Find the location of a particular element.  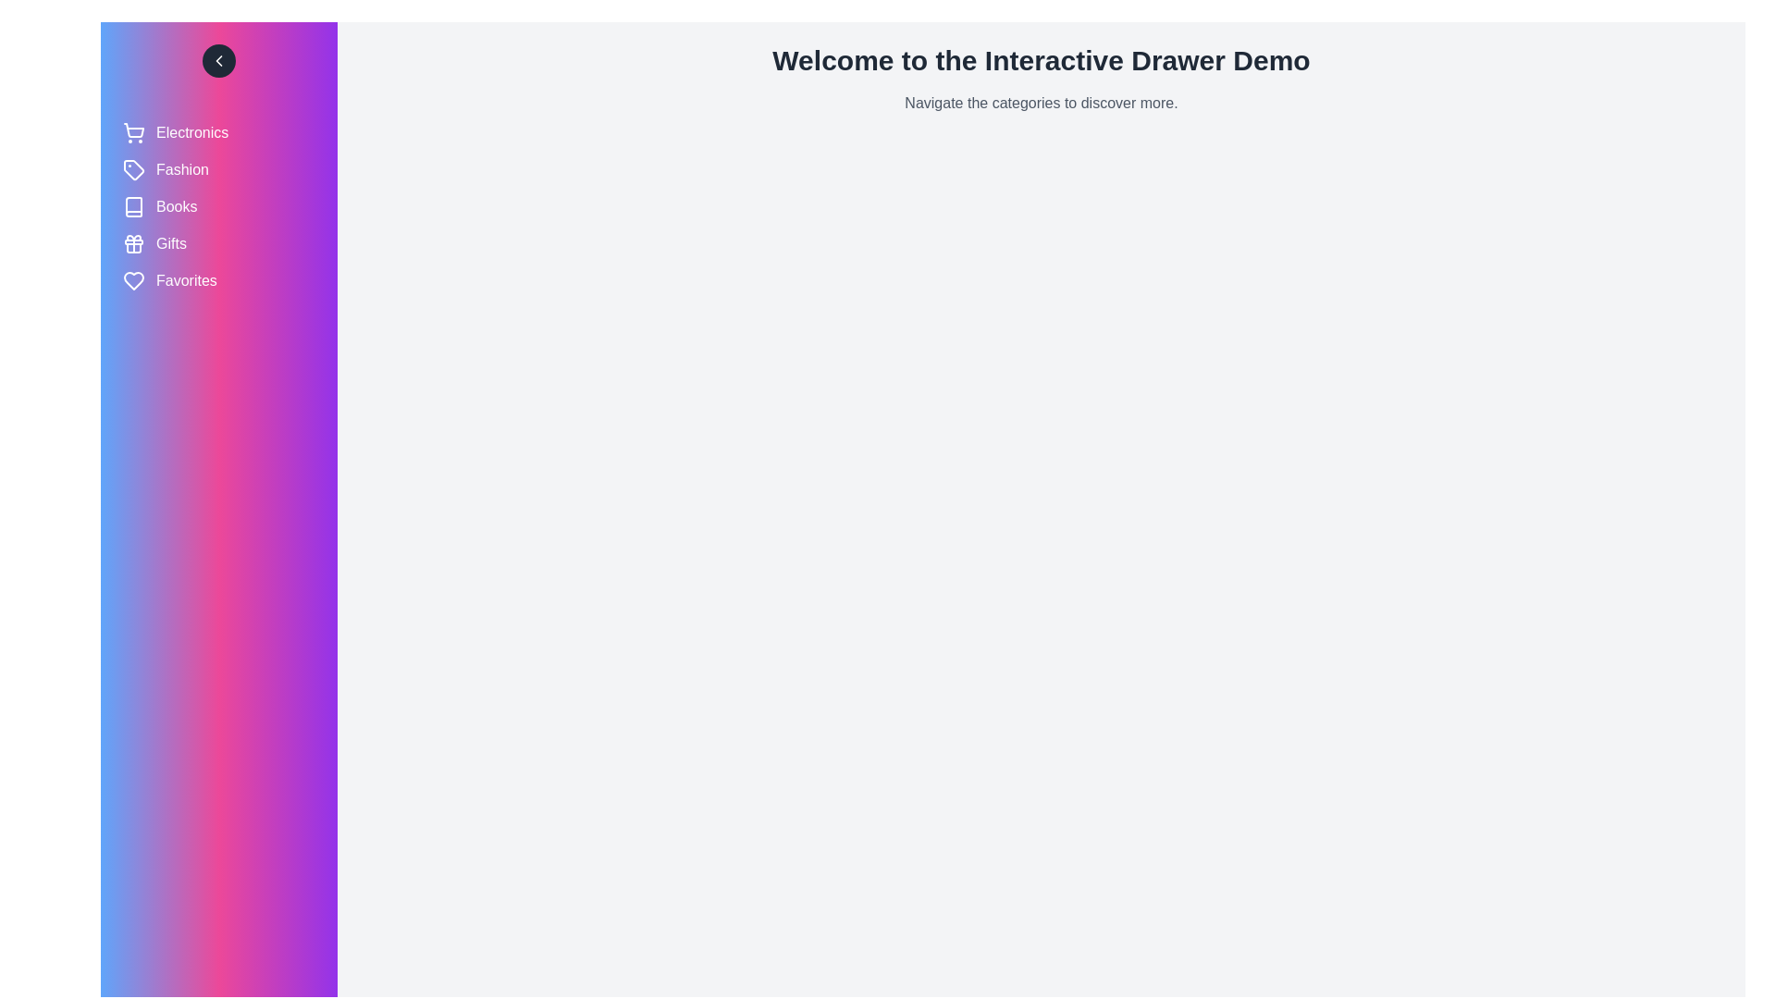

the category Favorites to observe its hover effect is located at coordinates (218, 281).